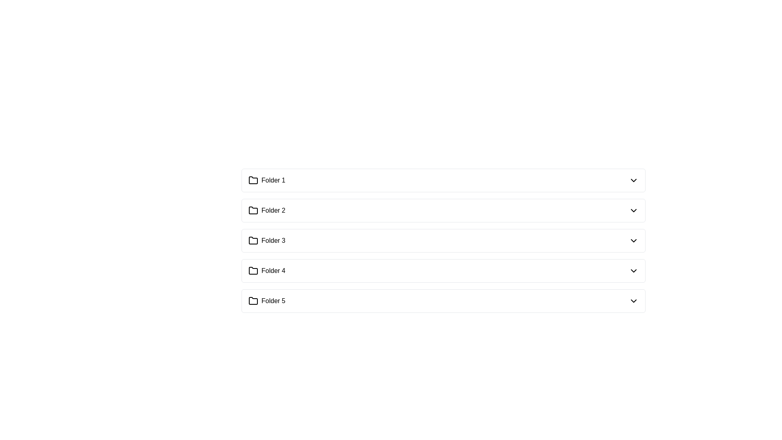 This screenshot has height=440, width=782. Describe the element at coordinates (273, 271) in the screenshot. I see `the text label representing the fourth folder entry` at that location.